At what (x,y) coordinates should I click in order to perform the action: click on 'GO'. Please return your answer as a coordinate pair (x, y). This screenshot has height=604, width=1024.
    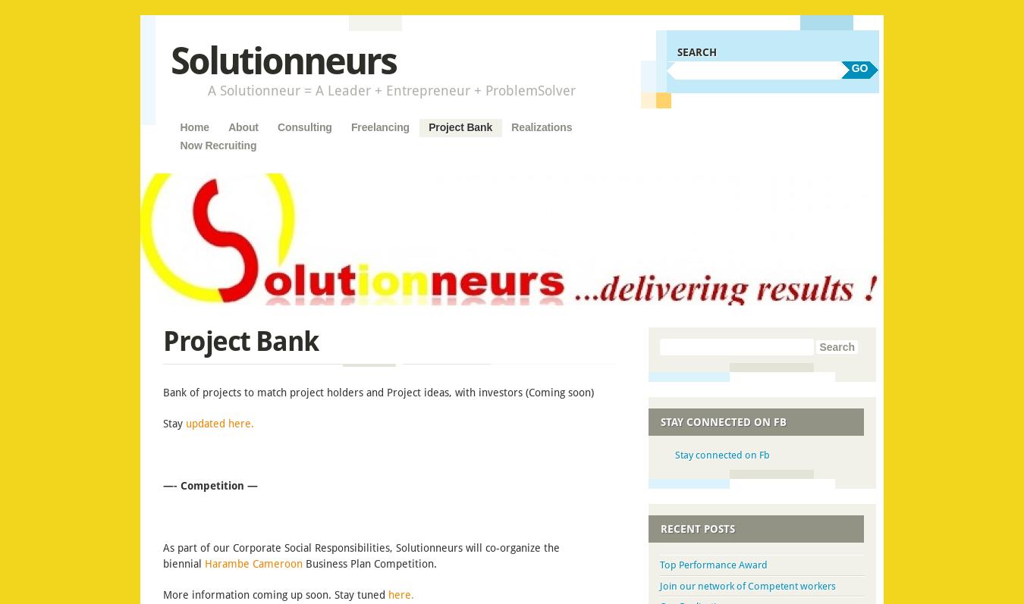
    Looking at the image, I should click on (850, 67).